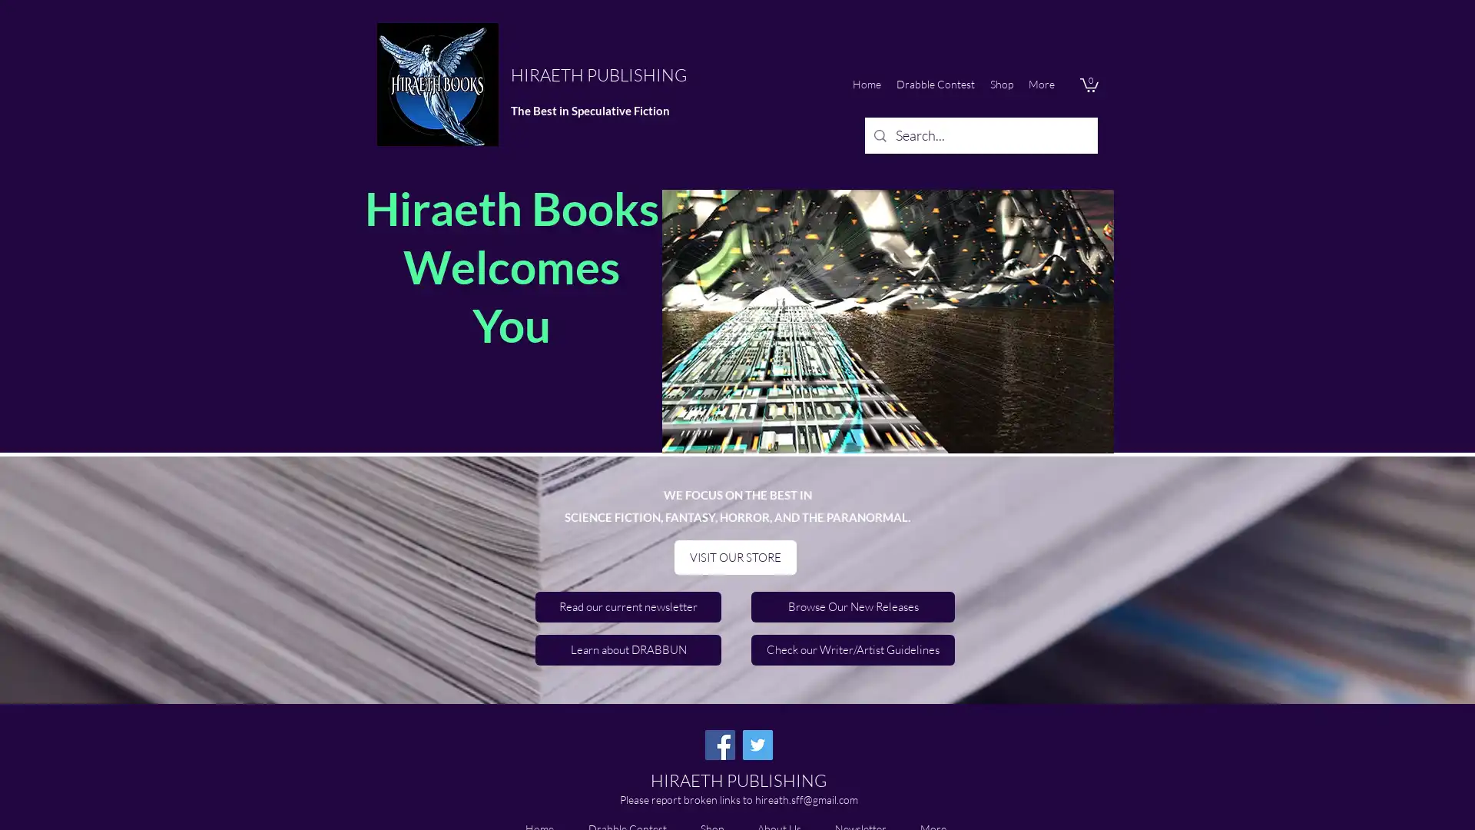 The width and height of the screenshot is (1475, 830). What do you see at coordinates (1088, 85) in the screenshot?
I see `Cart with 0 items` at bounding box center [1088, 85].